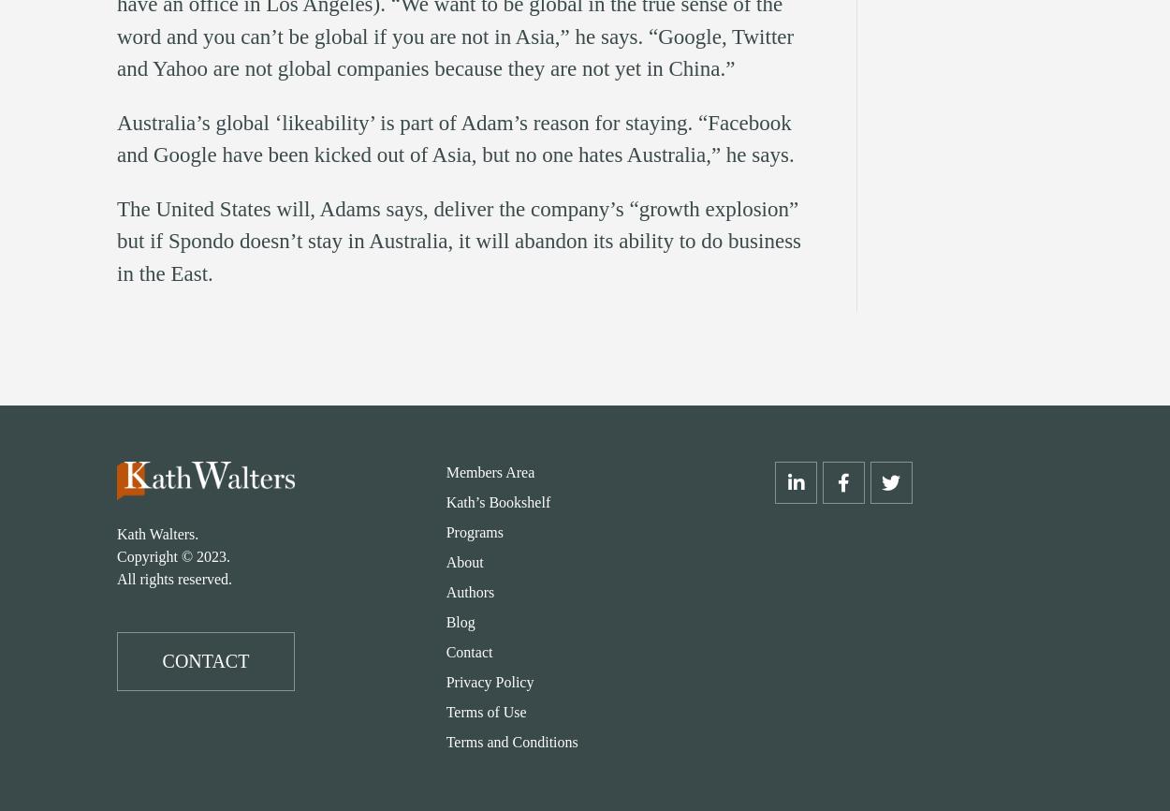 Image resolution: width=1170 pixels, height=811 pixels. I want to click on 'Members Area', so click(490, 472).